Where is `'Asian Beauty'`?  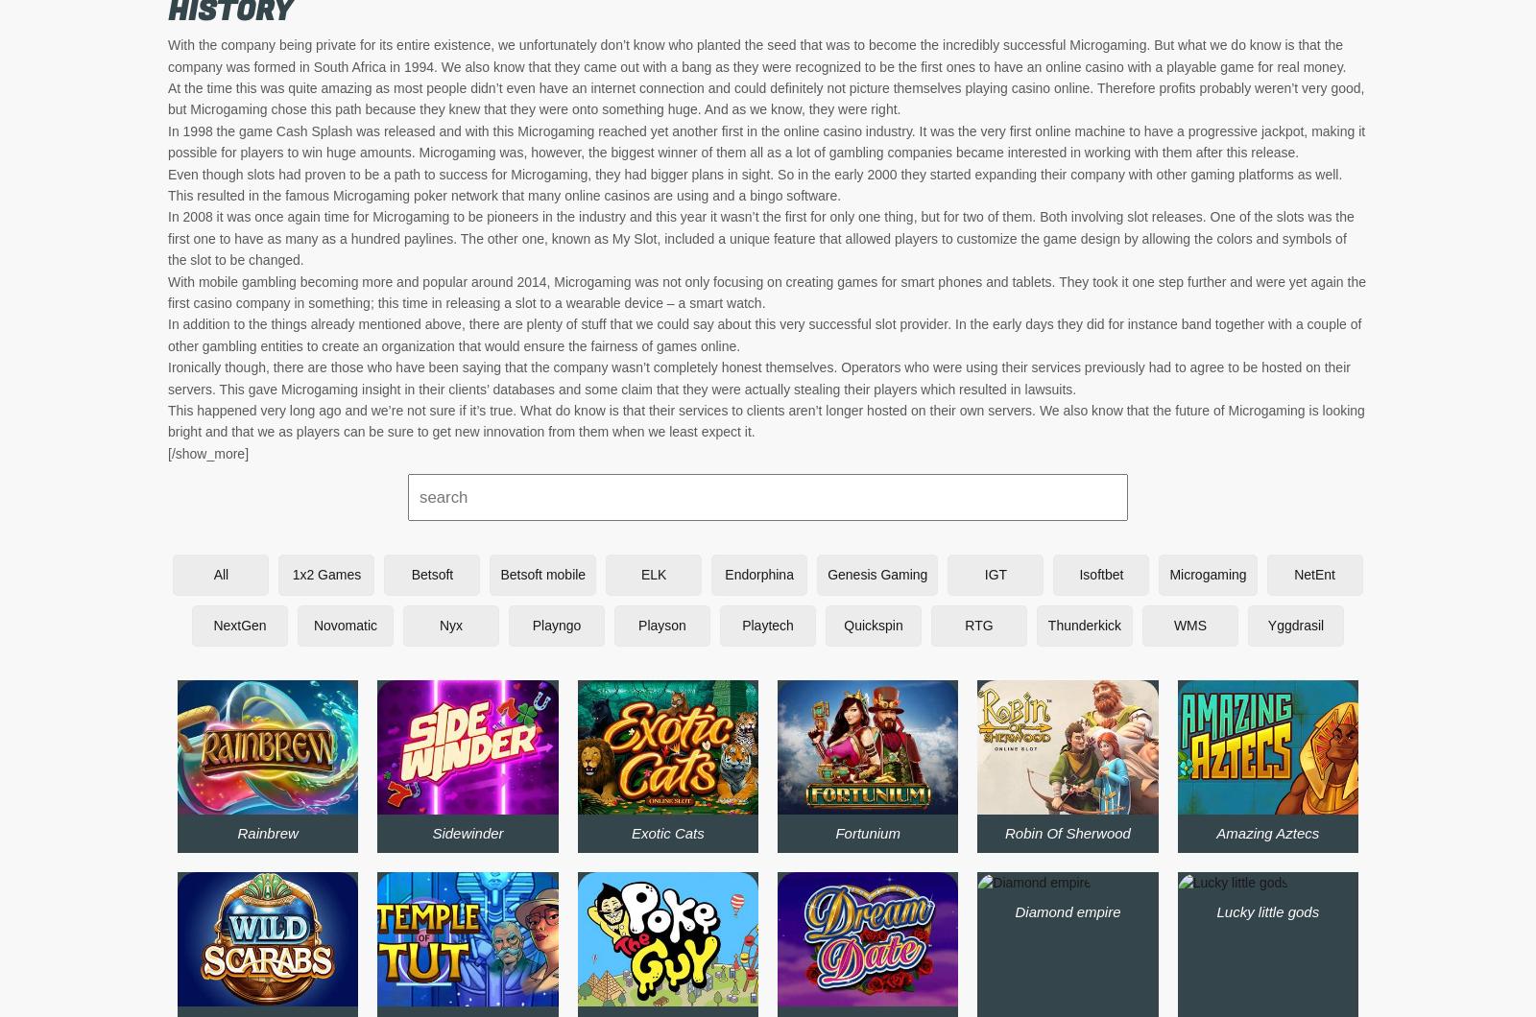
'Asian Beauty' is located at coordinates (866, 791).